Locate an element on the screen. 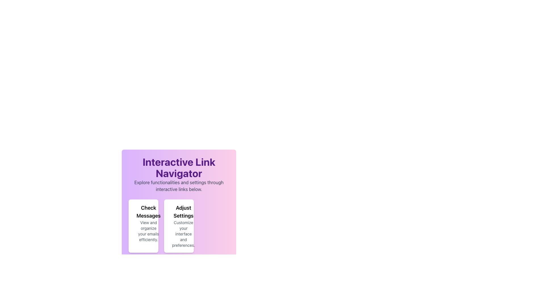 This screenshot has width=545, height=306. the 'Go to Messages' link on the interactive card located in the lower center of the layout beneath the purple header titled 'Interactive Link Navigator' is located at coordinates (143, 226).